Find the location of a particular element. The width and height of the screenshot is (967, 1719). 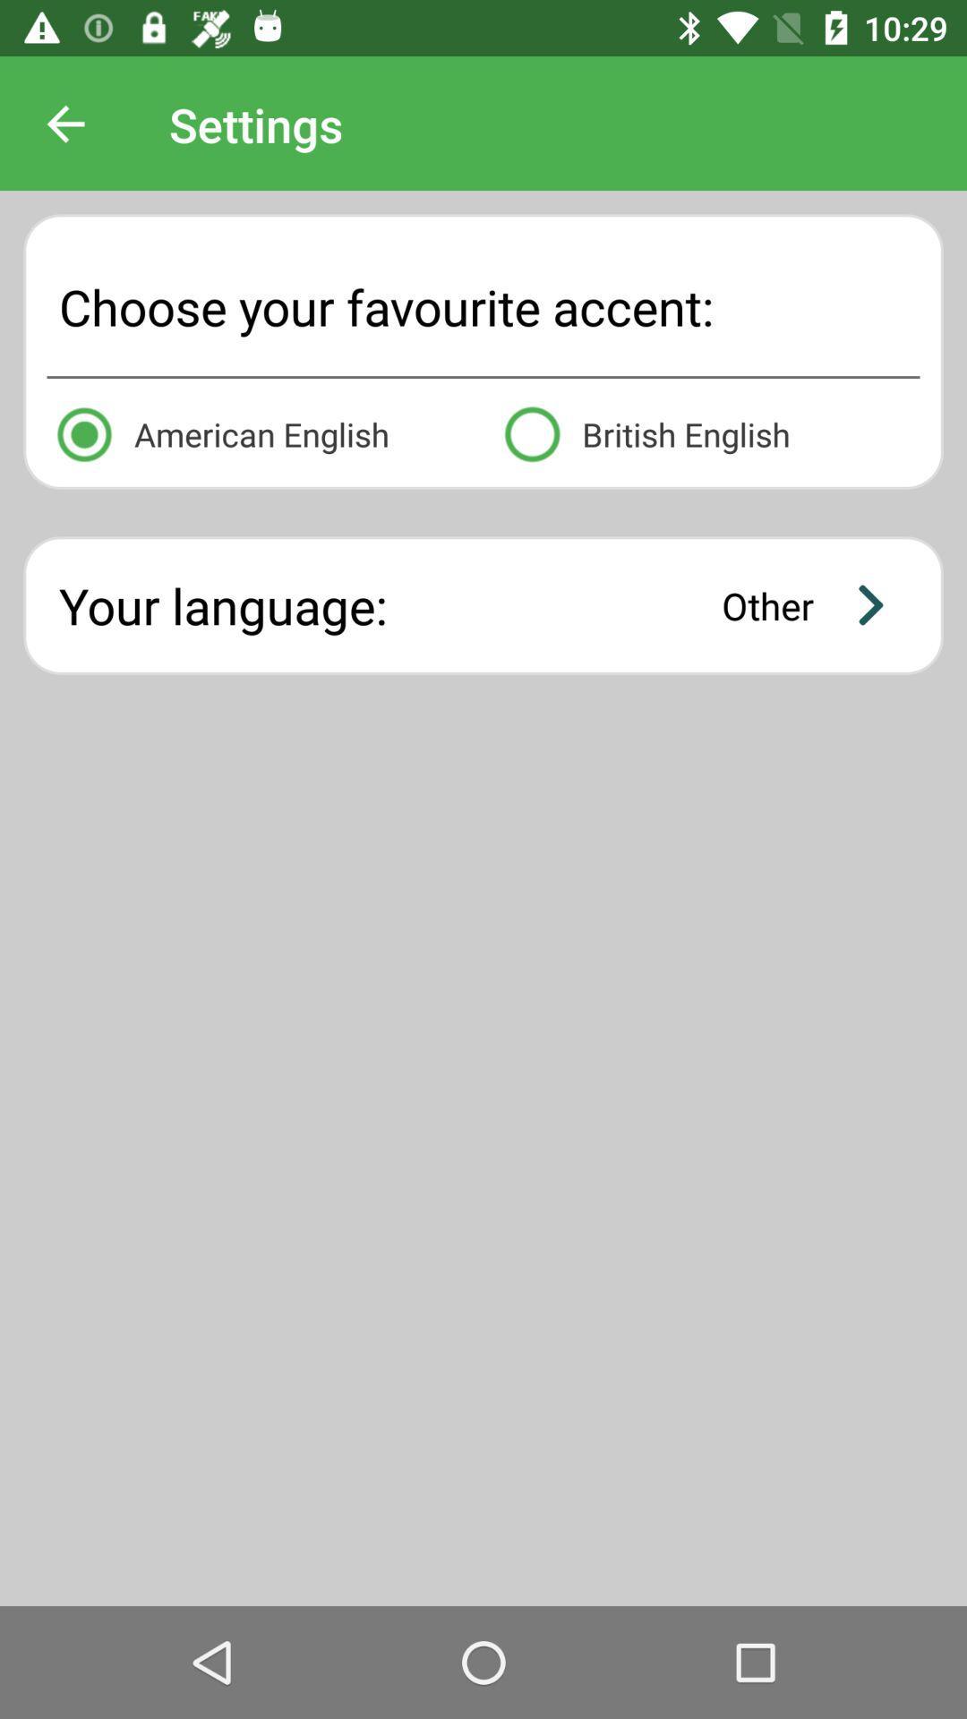

the icon next to the american english item is located at coordinates (706, 431).